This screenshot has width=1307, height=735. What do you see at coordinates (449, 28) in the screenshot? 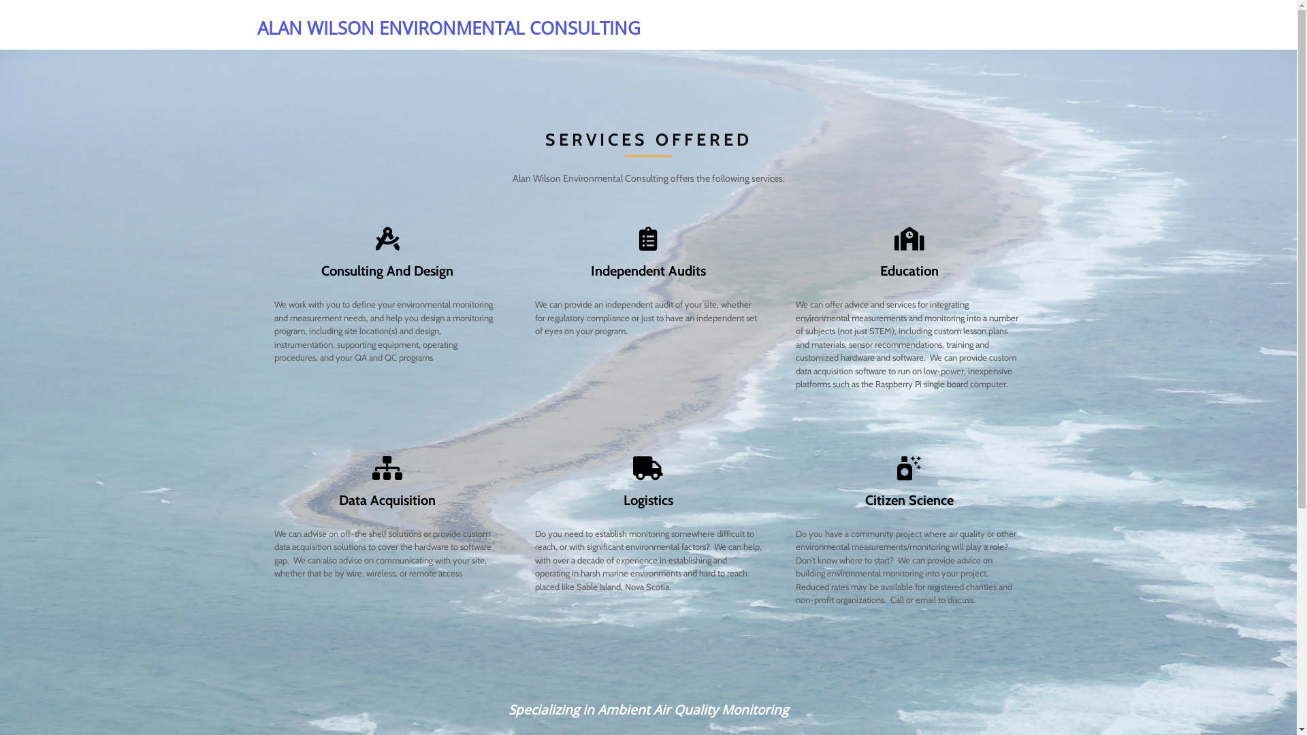
I see `'ALAN WILSON ENVIRONMENTAL CONSULTING'` at bounding box center [449, 28].